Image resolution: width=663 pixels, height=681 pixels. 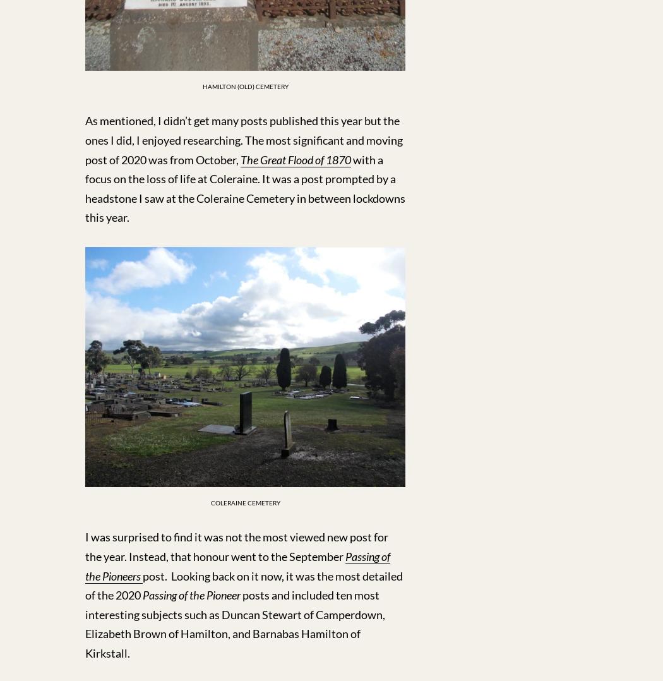 I want to click on 'I was surprised to find it was not the most viewed new post for the year. Instead, that honour went to the September', so click(x=236, y=546).